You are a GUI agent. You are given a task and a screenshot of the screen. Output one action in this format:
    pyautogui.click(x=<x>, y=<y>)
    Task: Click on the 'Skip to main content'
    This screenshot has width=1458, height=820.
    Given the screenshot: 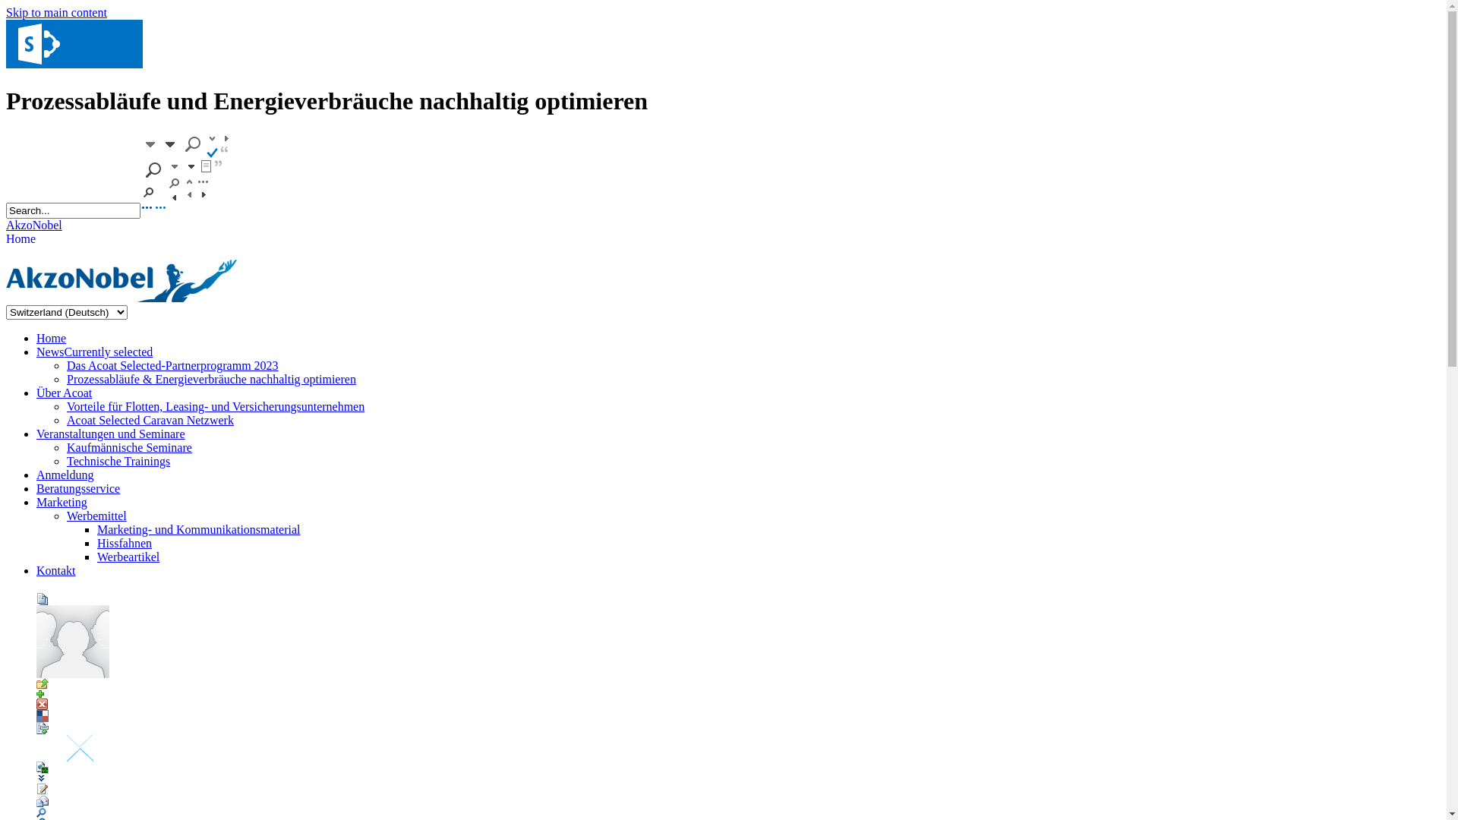 What is the action you would take?
    pyautogui.click(x=56, y=12)
    